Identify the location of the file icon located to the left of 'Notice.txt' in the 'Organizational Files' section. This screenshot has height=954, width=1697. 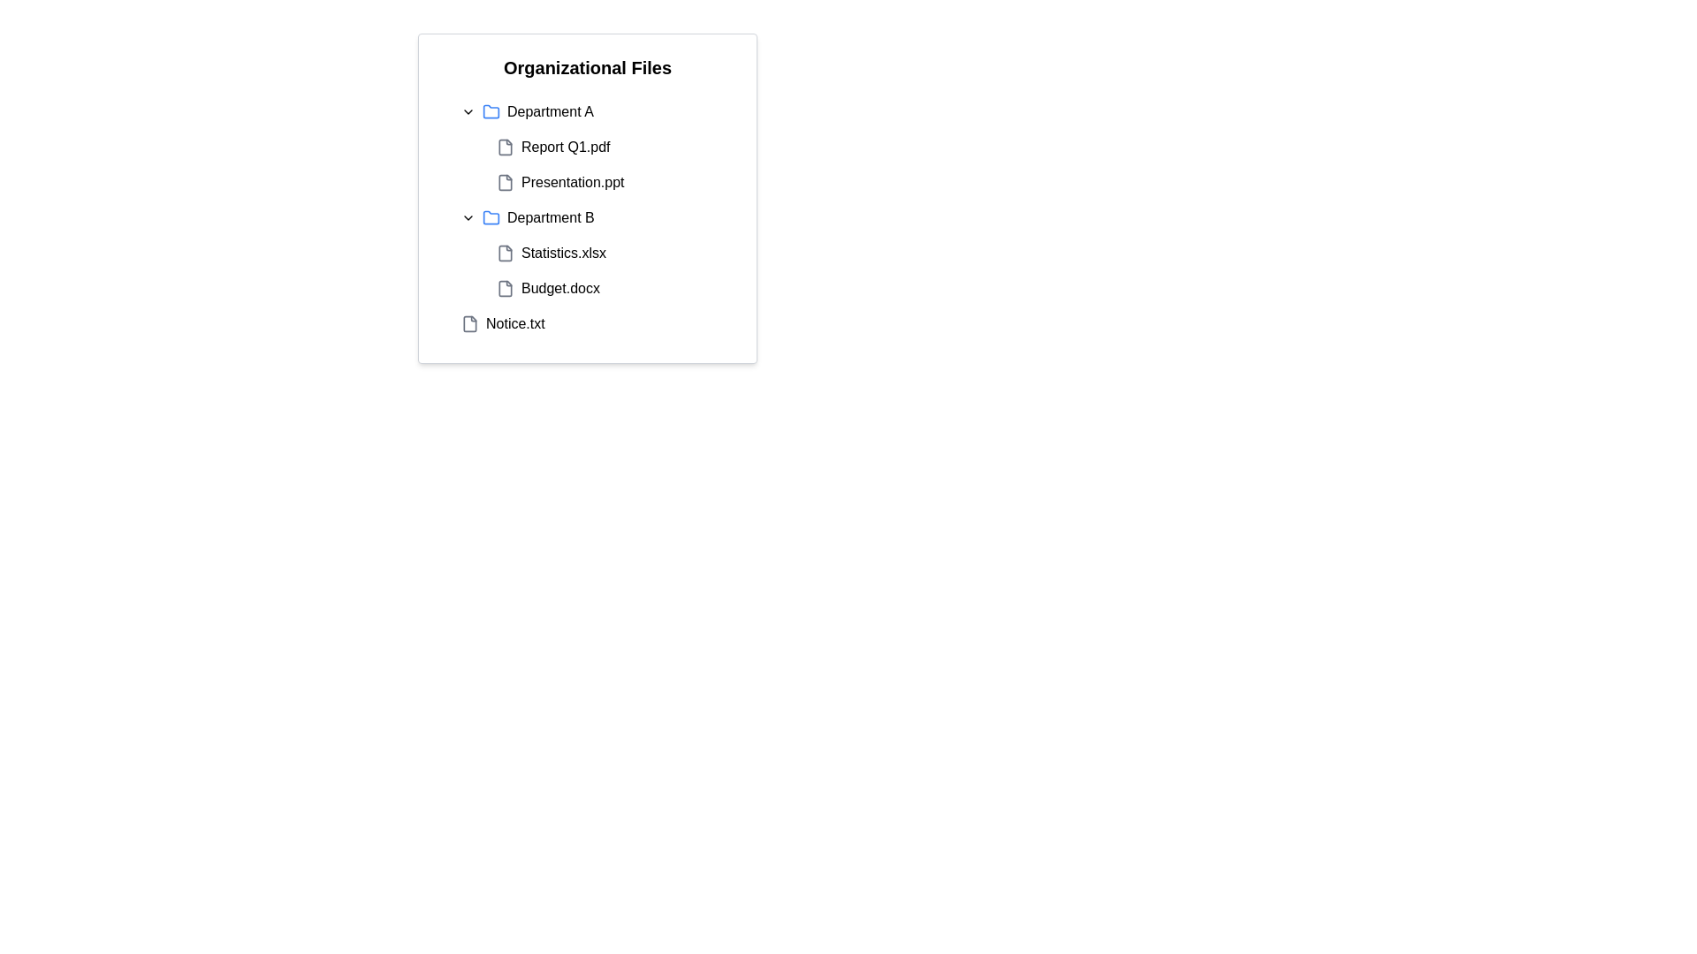
(470, 323).